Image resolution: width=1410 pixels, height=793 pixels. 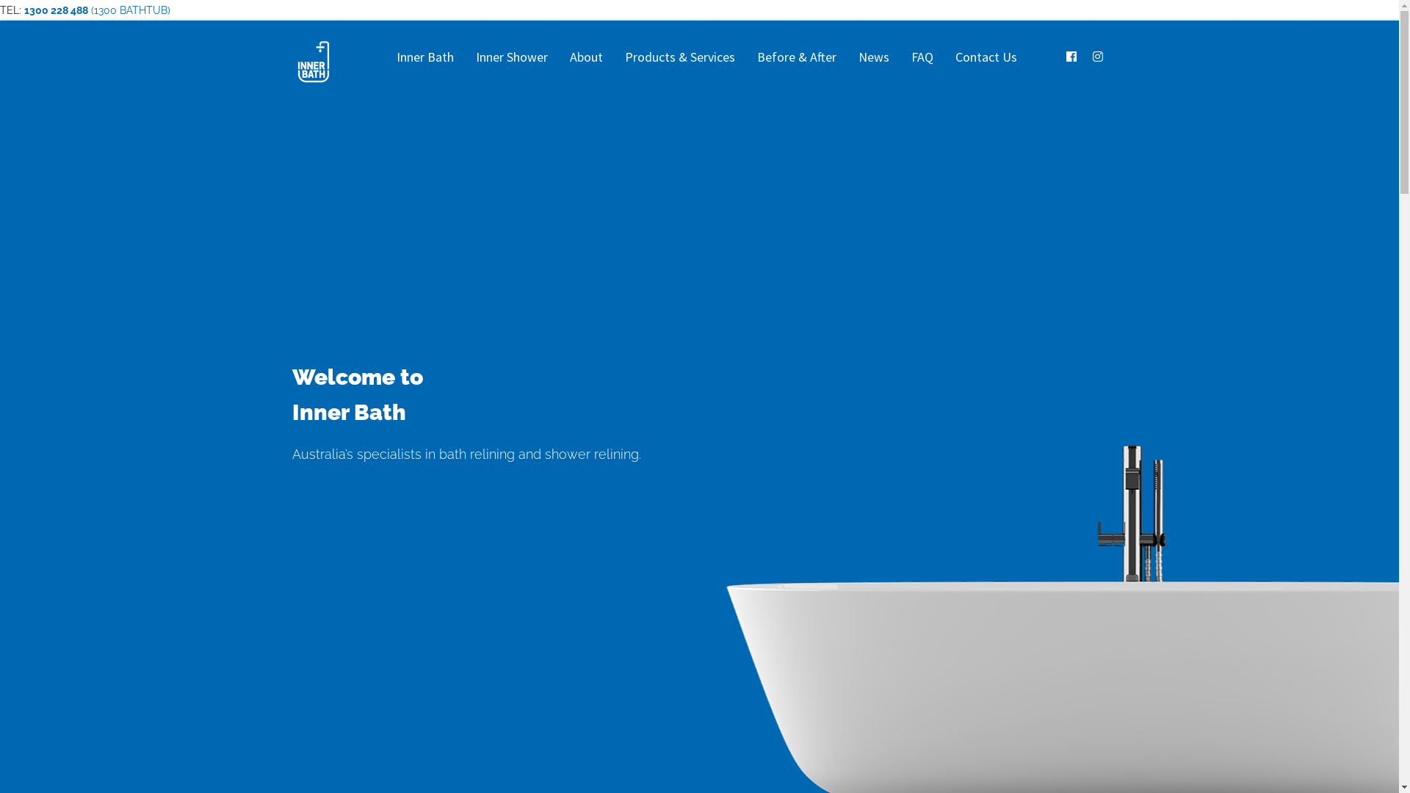 What do you see at coordinates (922, 56) in the screenshot?
I see `'FAQ'` at bounding box center [922, 56].